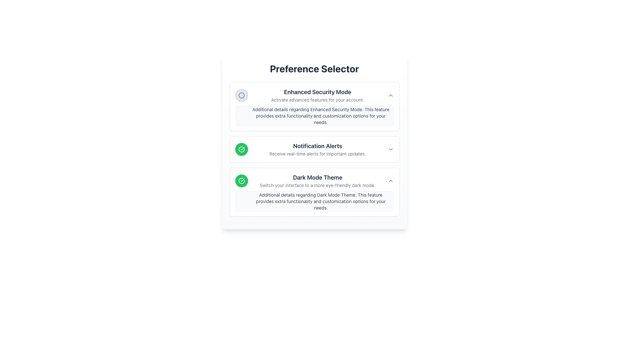 This screenshot has width=617, height=347. Describe the element at coordinates (314, 106) in the screenshot. I see `the first option in the 'Preference Selector' panel, which provides access to the 'Enhanced Security Mode' feature` at that location.